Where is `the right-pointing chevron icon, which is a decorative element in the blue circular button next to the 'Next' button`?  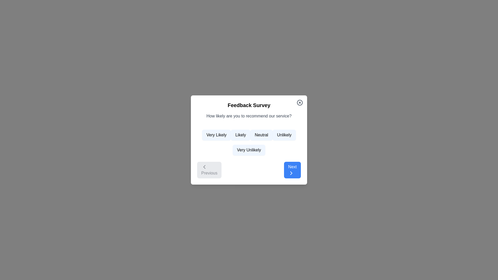 the right-pointing chevron icon, which is a decorative element in the blue circular button next to the 'Next' button is located at coordinates (291, 173).